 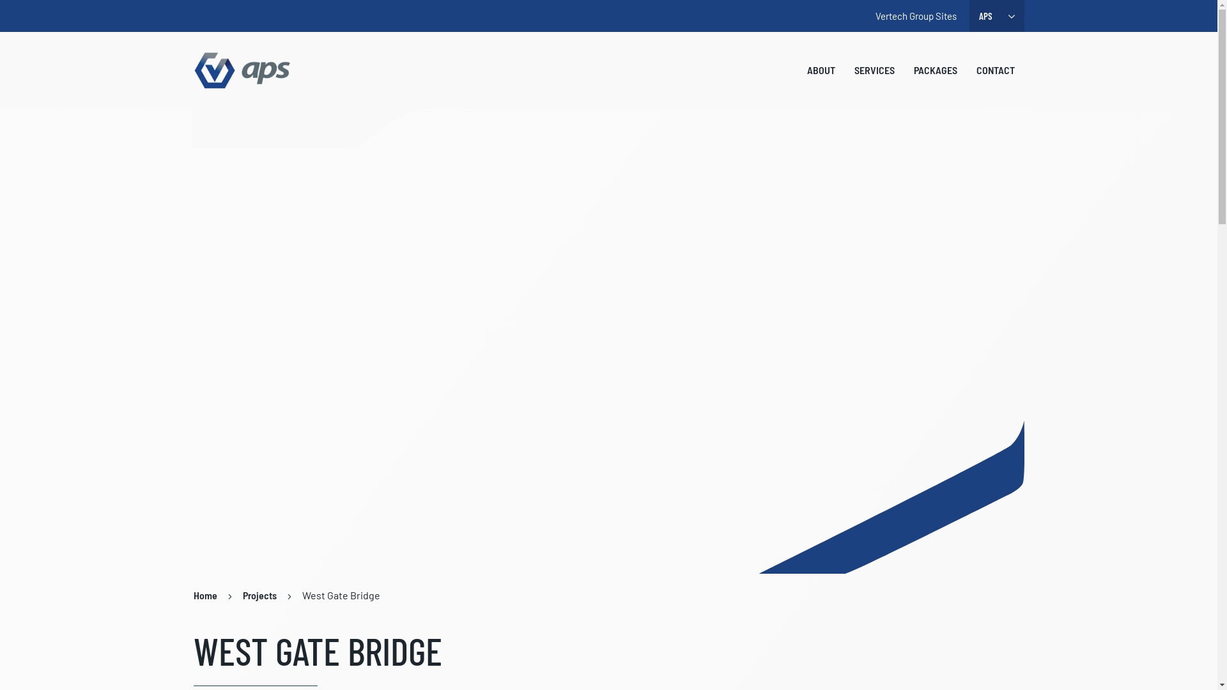 What do you see at coordinates (935, 70) in the screenshot?
I see `'PACKAGES'` at bounding box center [935, 70].